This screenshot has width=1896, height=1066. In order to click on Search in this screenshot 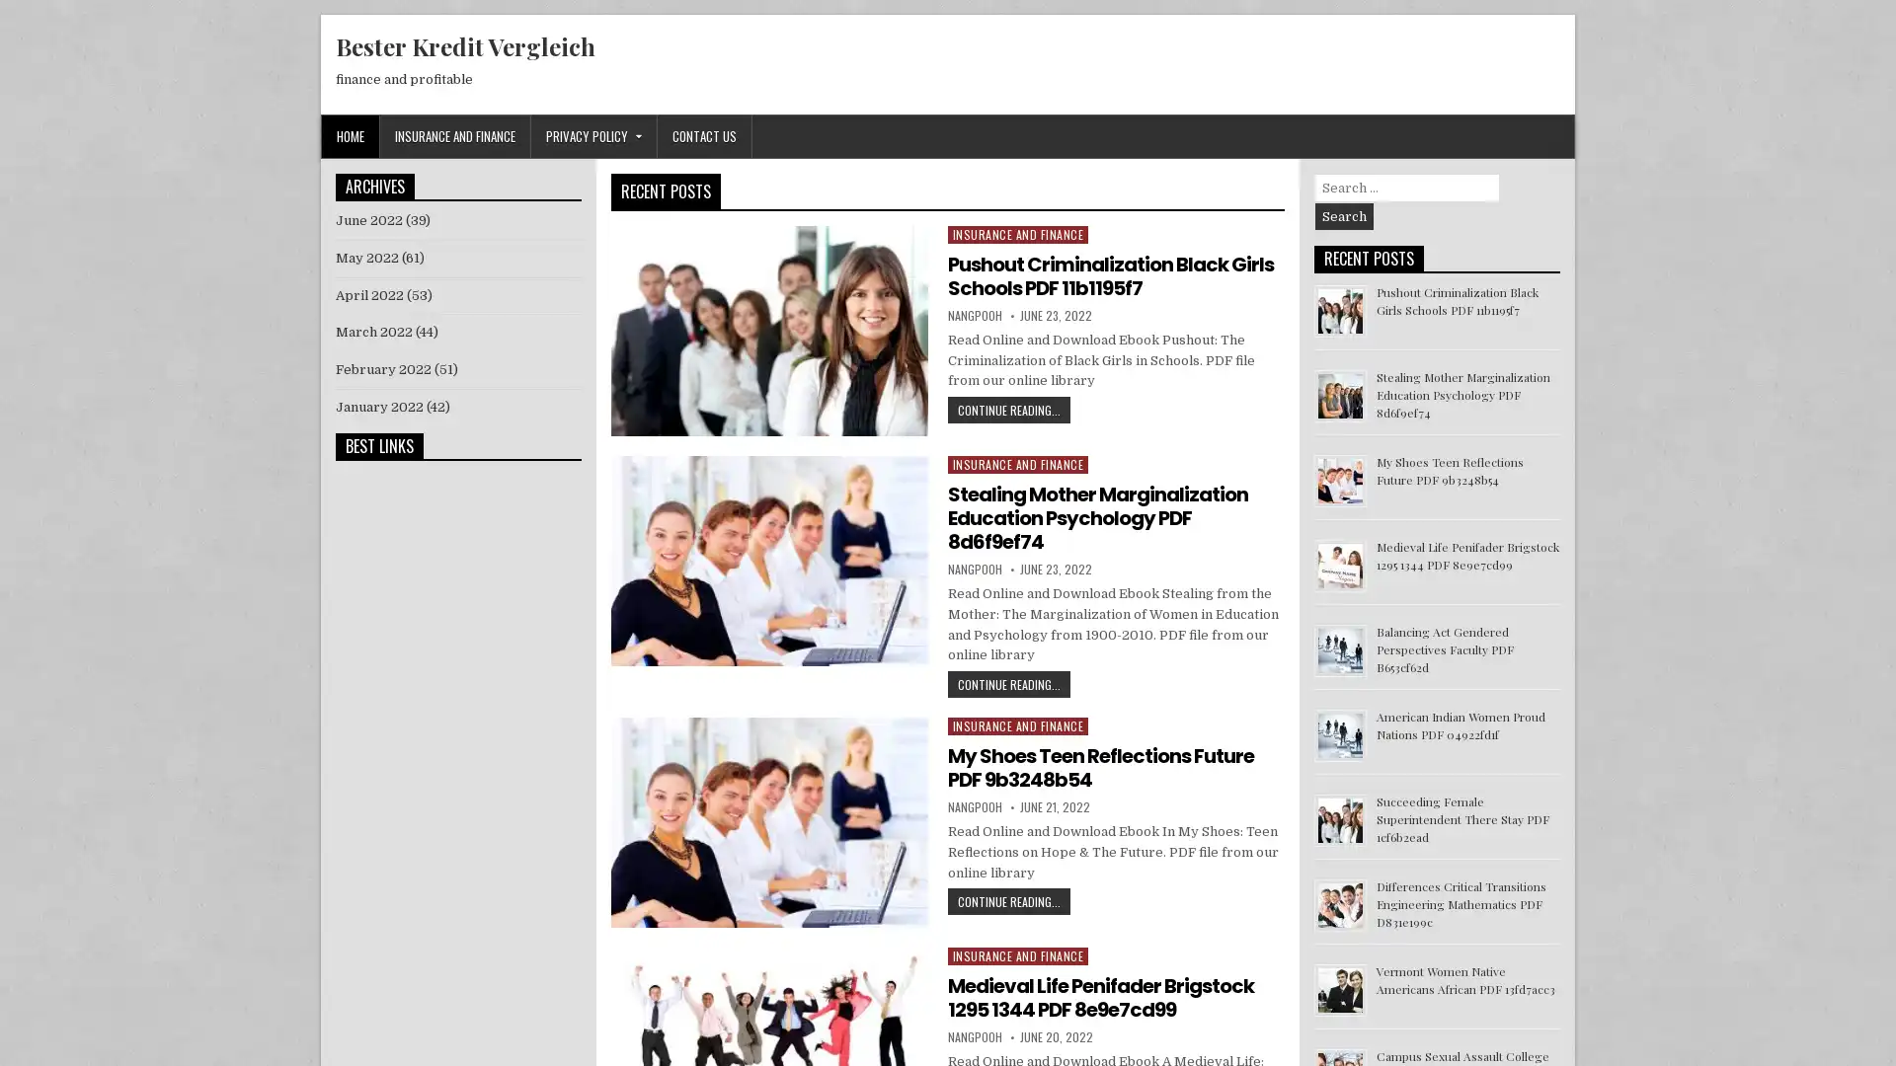, I will do `click(1343, 216)`.